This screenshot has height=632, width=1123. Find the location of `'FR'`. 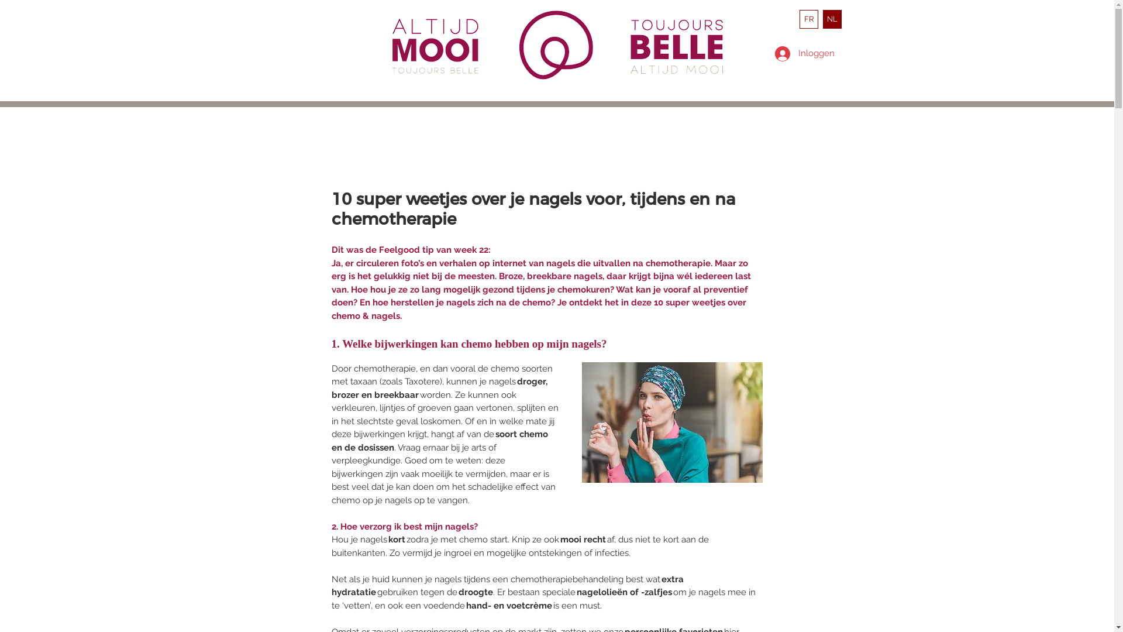

'FR' is located at coordinates (798, 19).